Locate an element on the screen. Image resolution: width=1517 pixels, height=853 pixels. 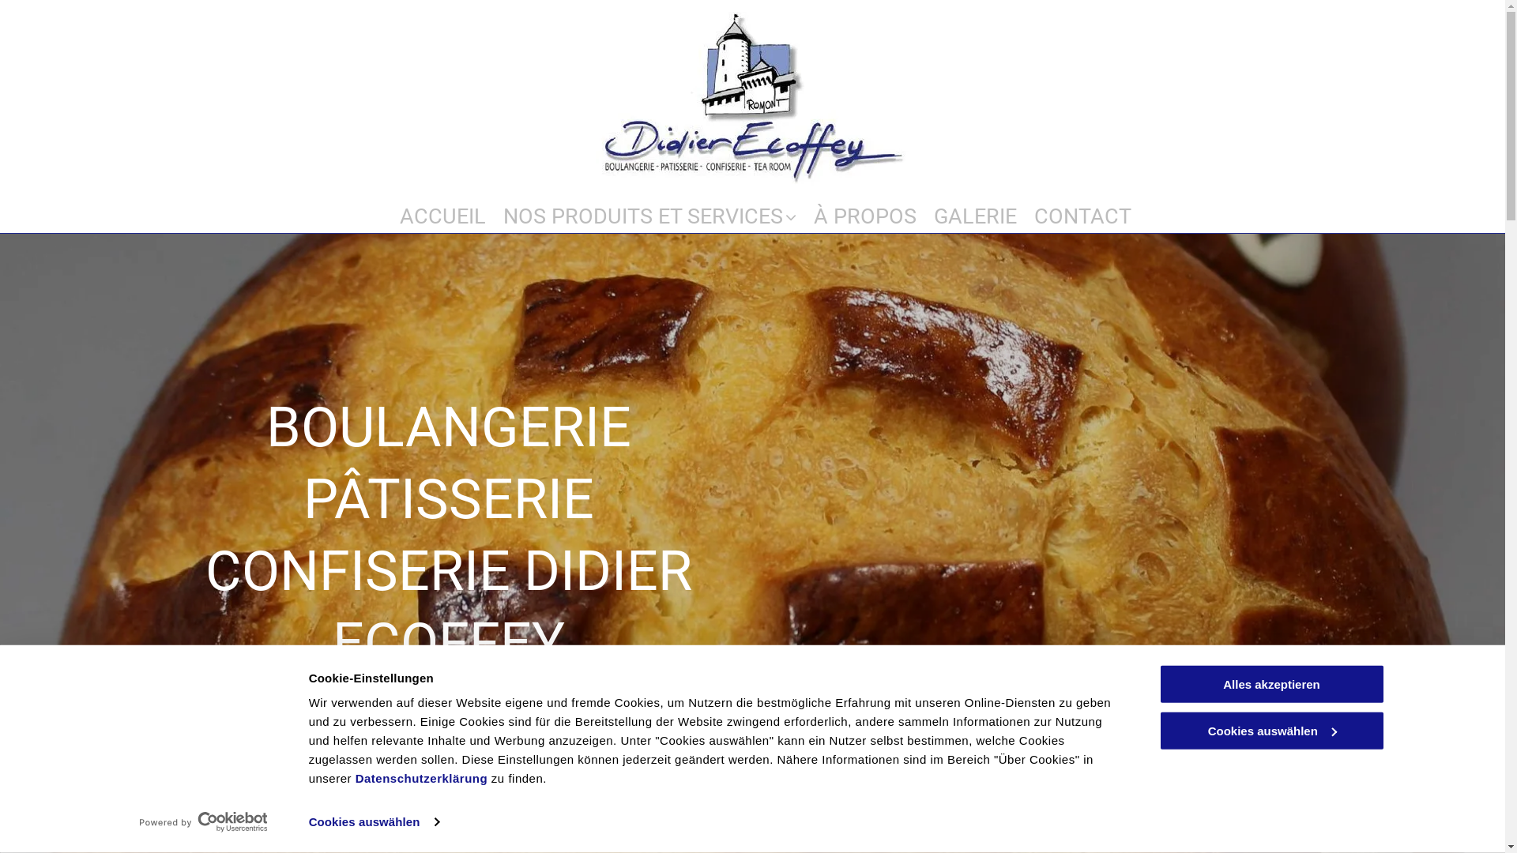
'NOS PRODUITS ET SERVICES' is located at coordinates (649, 207).